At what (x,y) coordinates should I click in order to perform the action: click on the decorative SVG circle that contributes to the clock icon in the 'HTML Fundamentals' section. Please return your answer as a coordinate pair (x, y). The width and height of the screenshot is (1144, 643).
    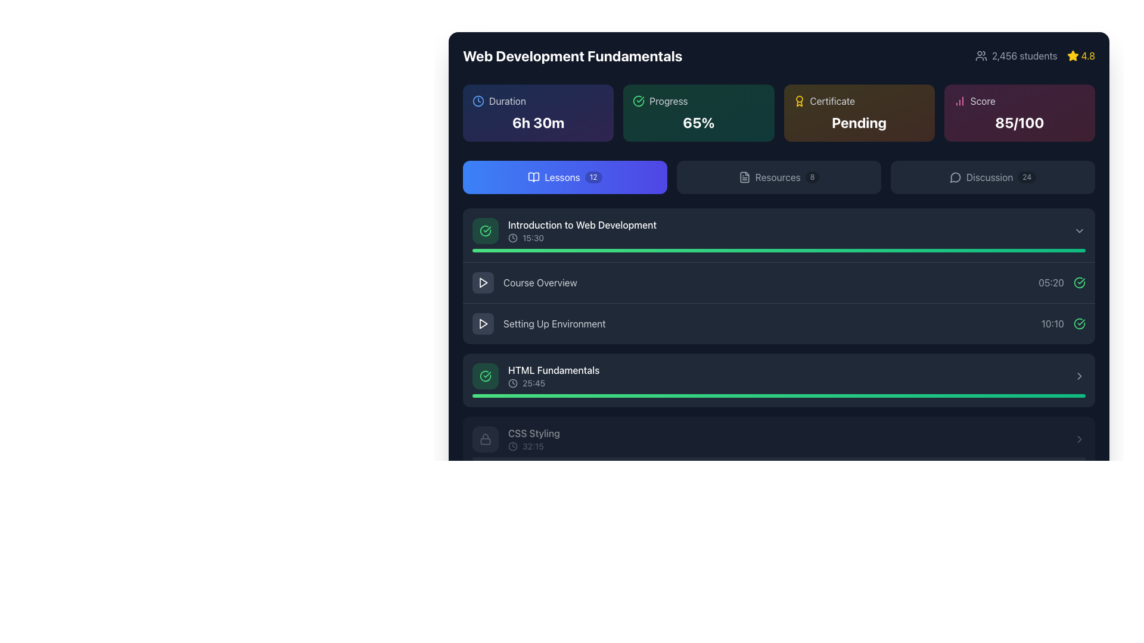
    Looking at the image, I should click on (512, 383).